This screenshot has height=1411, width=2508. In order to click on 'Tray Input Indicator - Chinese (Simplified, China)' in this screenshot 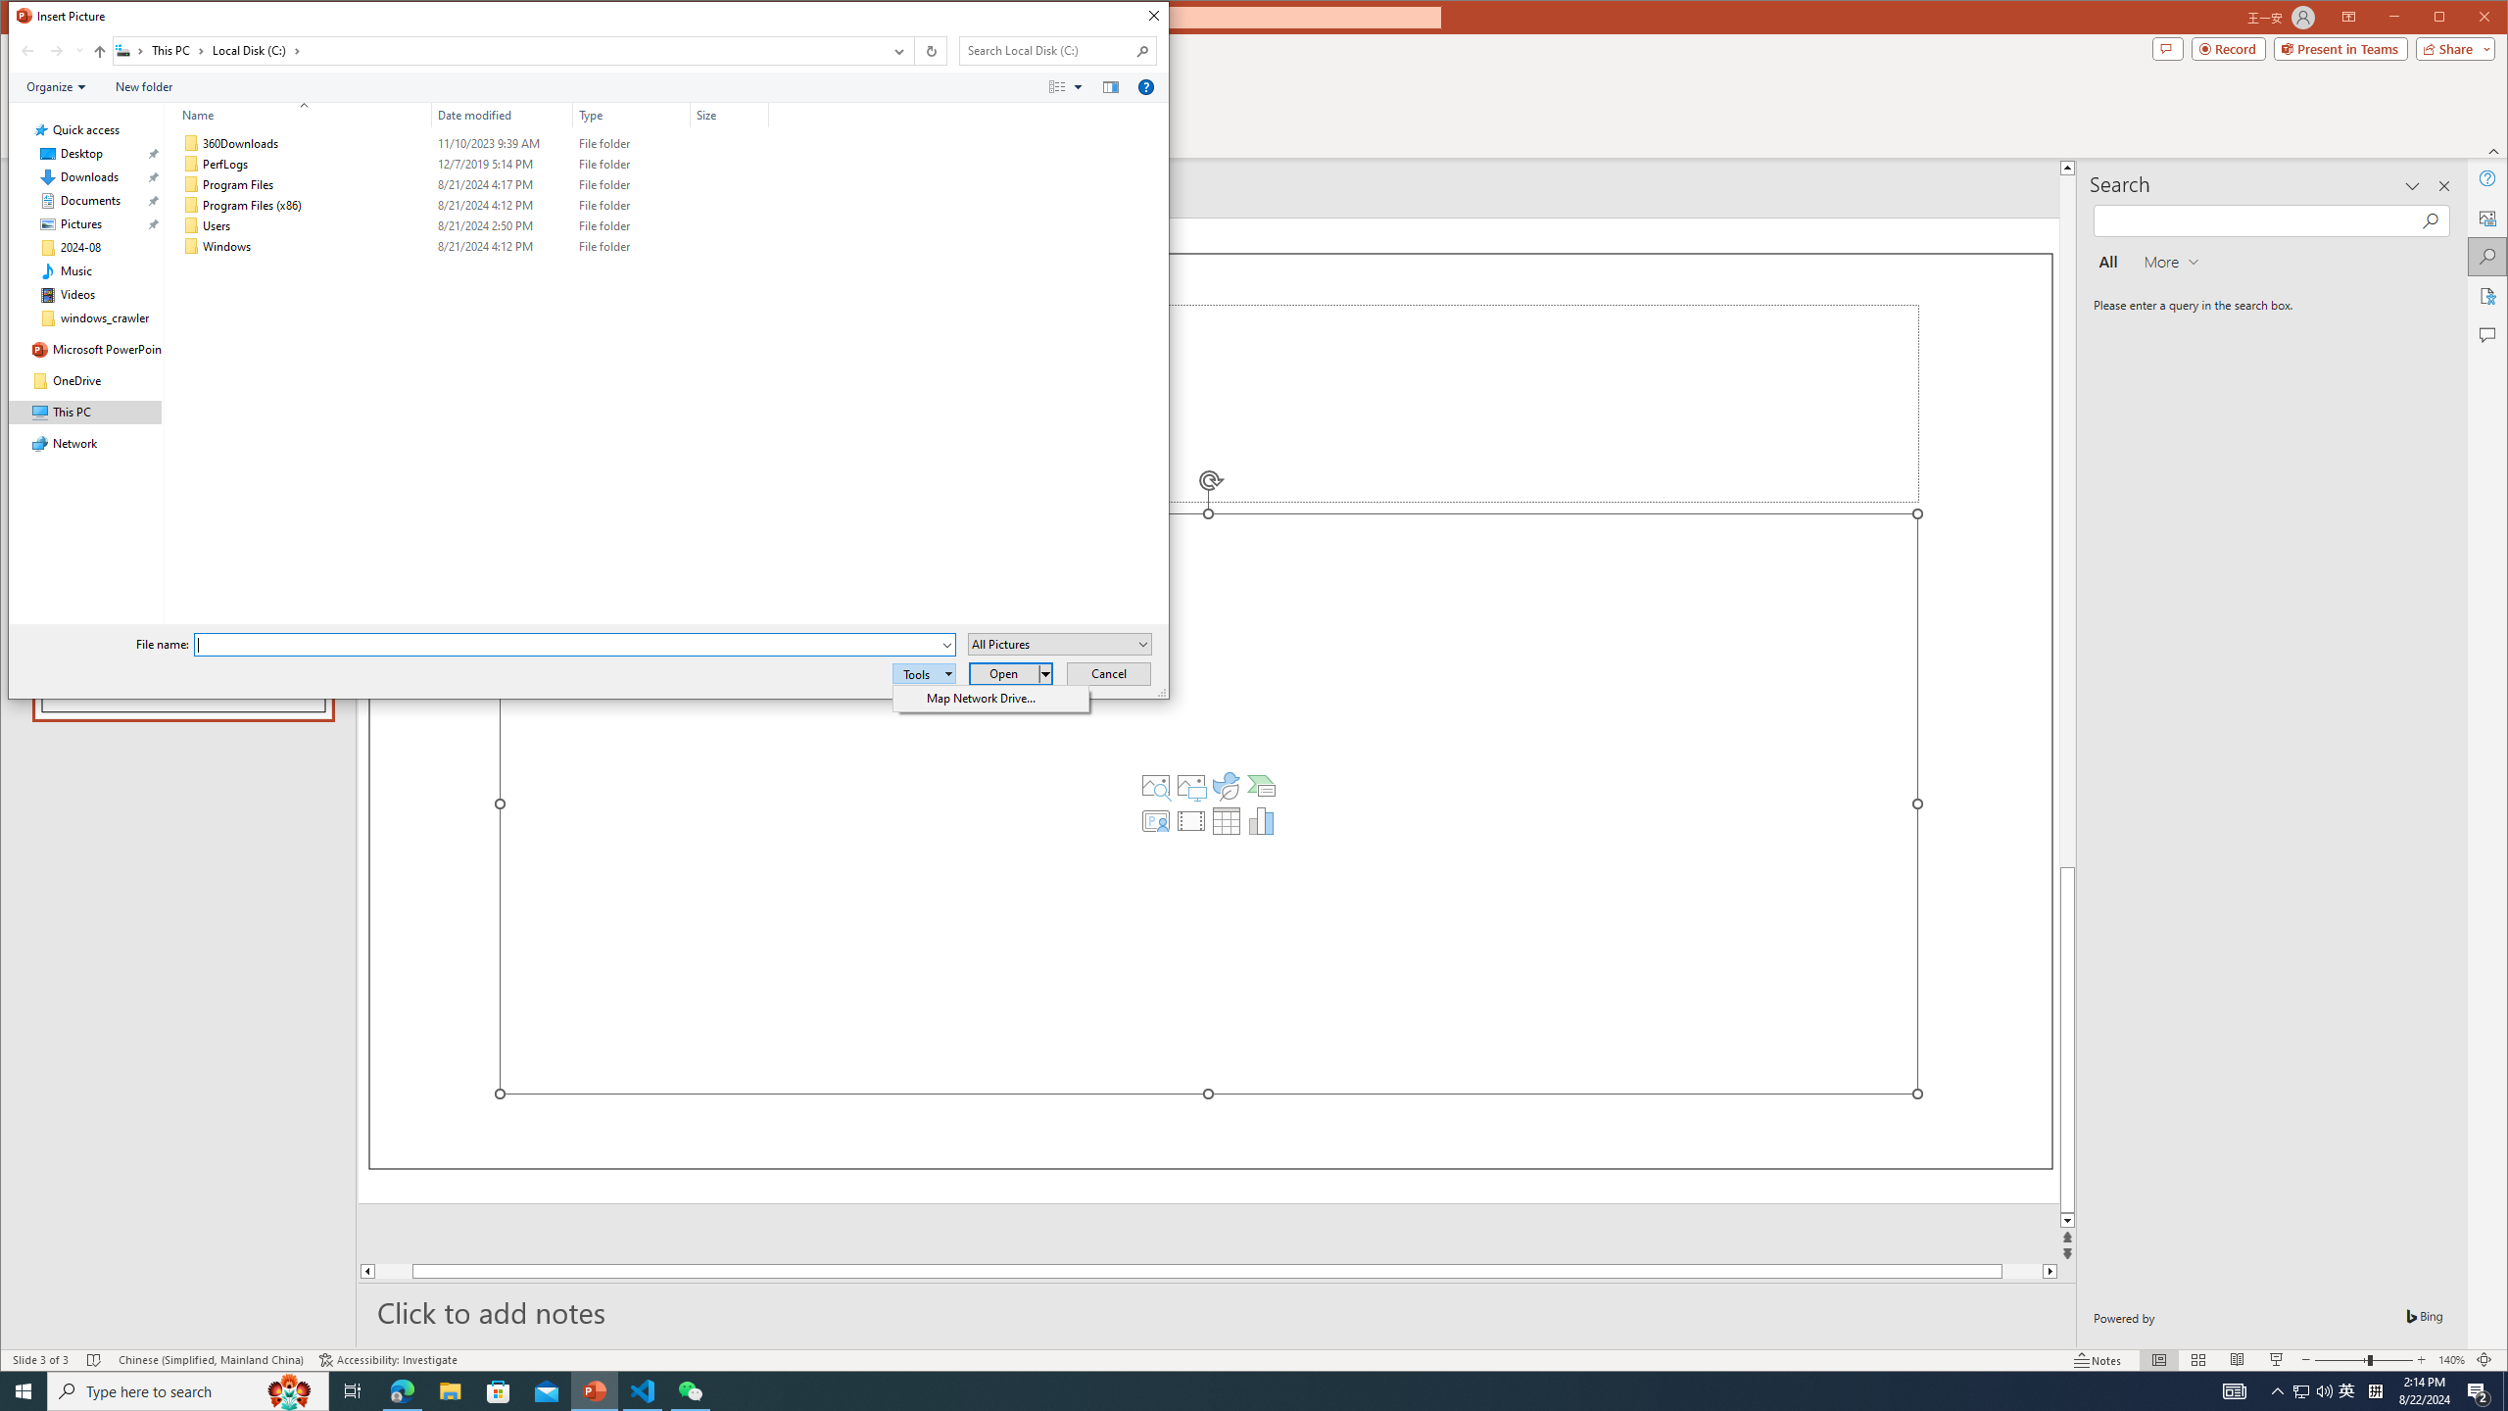, I will do `click(2375, 1389)`.